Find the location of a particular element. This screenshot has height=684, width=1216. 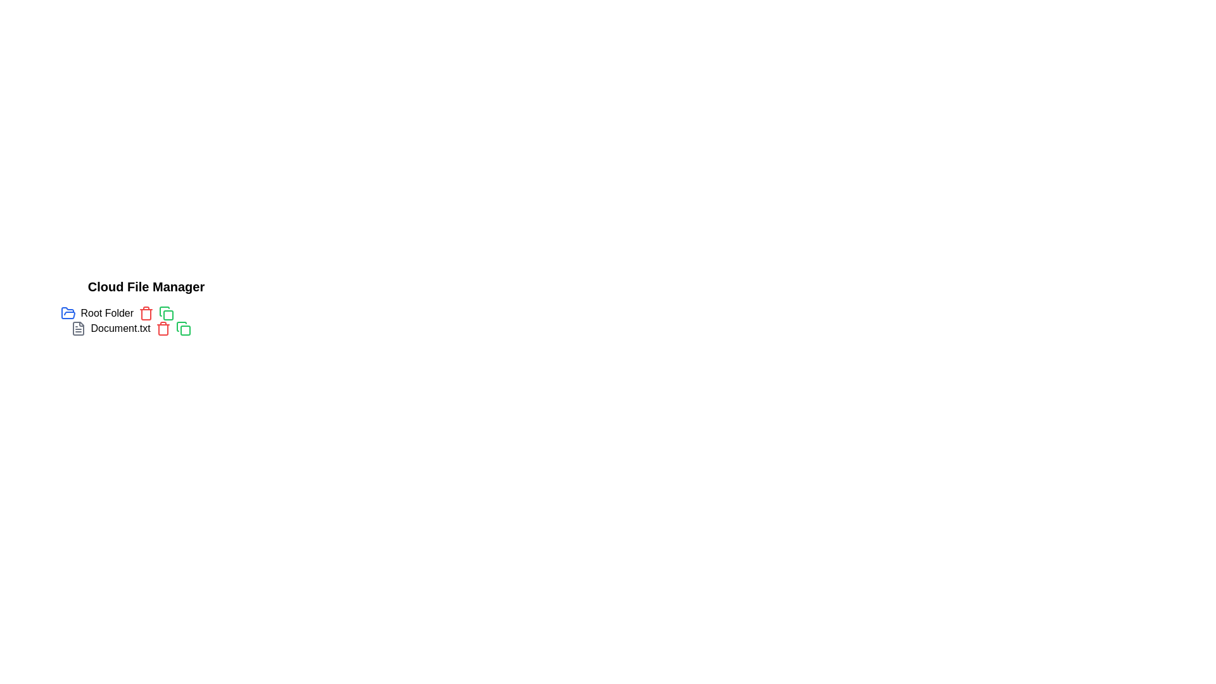

the text label 'Cloud File Manager' which is displayed in a bold, large-sized font at the top-left corner of the file management interface is located at coordinates (146, 286).